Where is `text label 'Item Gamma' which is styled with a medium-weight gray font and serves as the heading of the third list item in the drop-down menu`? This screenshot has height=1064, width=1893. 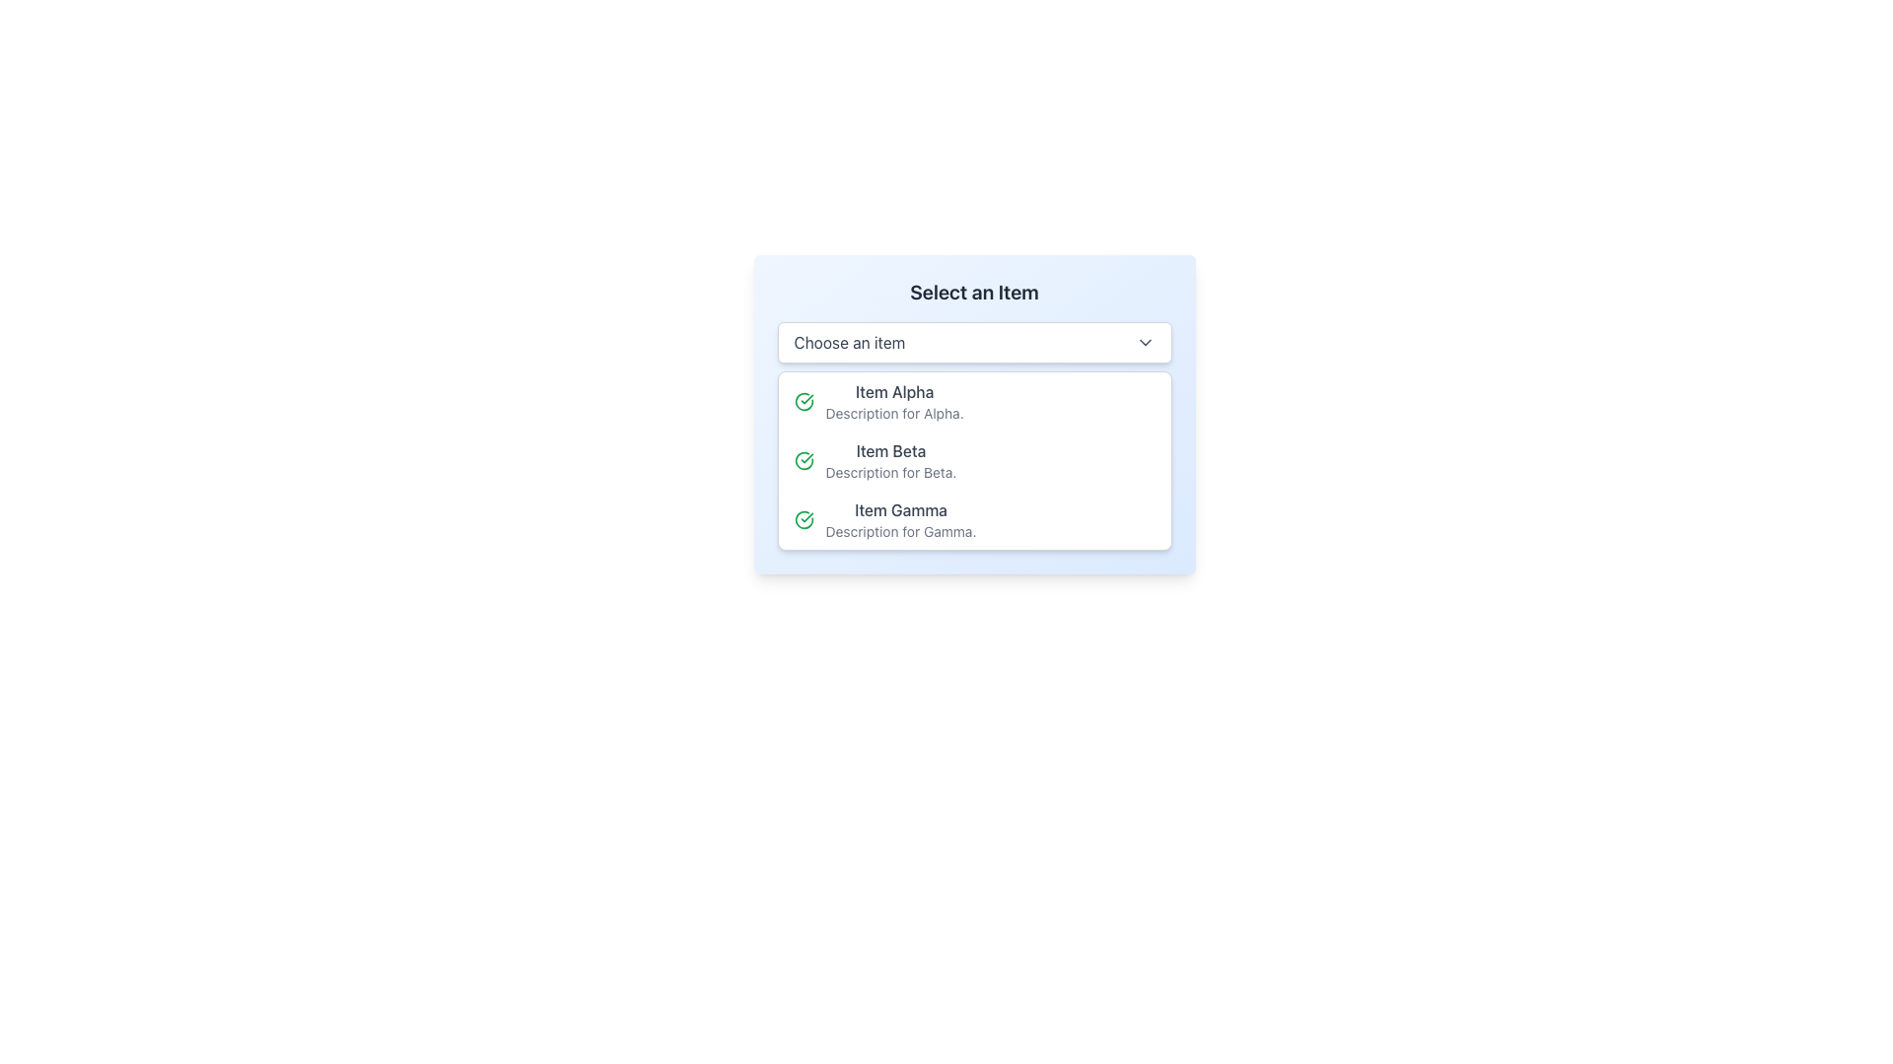
text label 'Item Gamma' which is styled with a medium-weight gray font and serves as the heading of the third list item in the drop-down menu is located at coordinates (899, 508).